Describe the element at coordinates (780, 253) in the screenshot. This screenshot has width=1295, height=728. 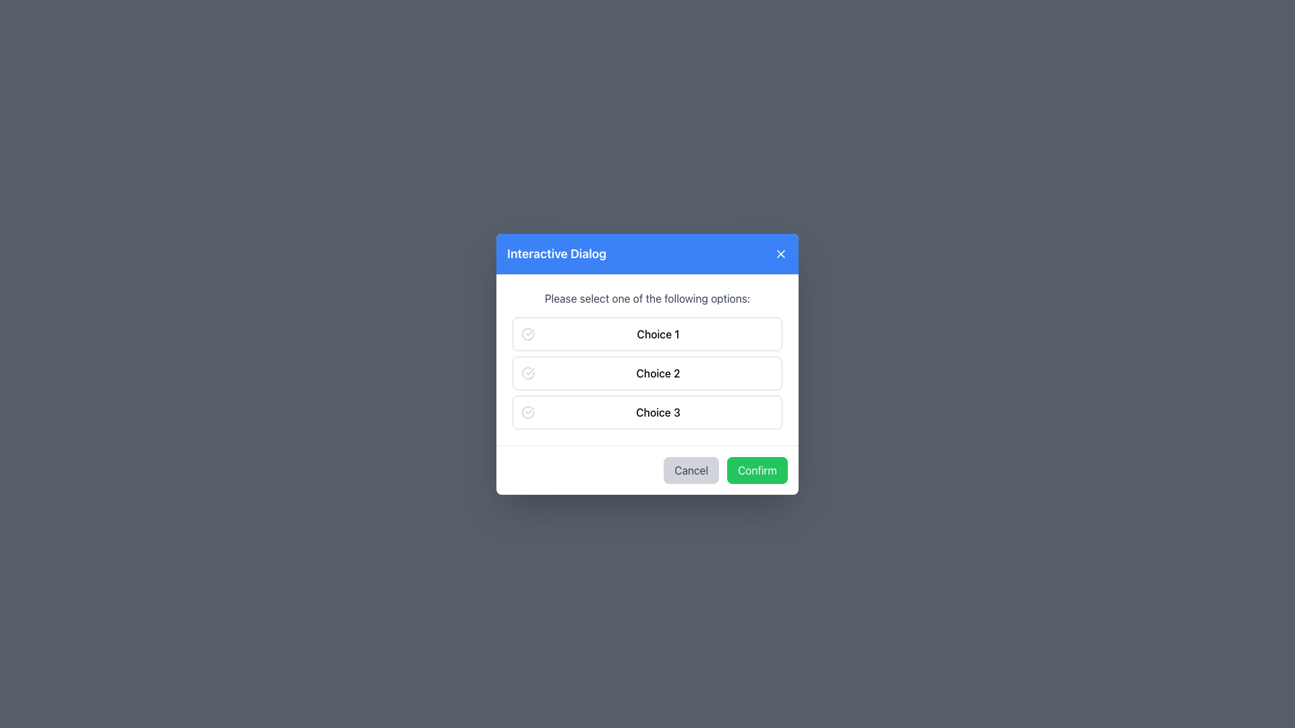
I see `the Close icon button located in the top-right corner of the modal dialog's header` at that location.